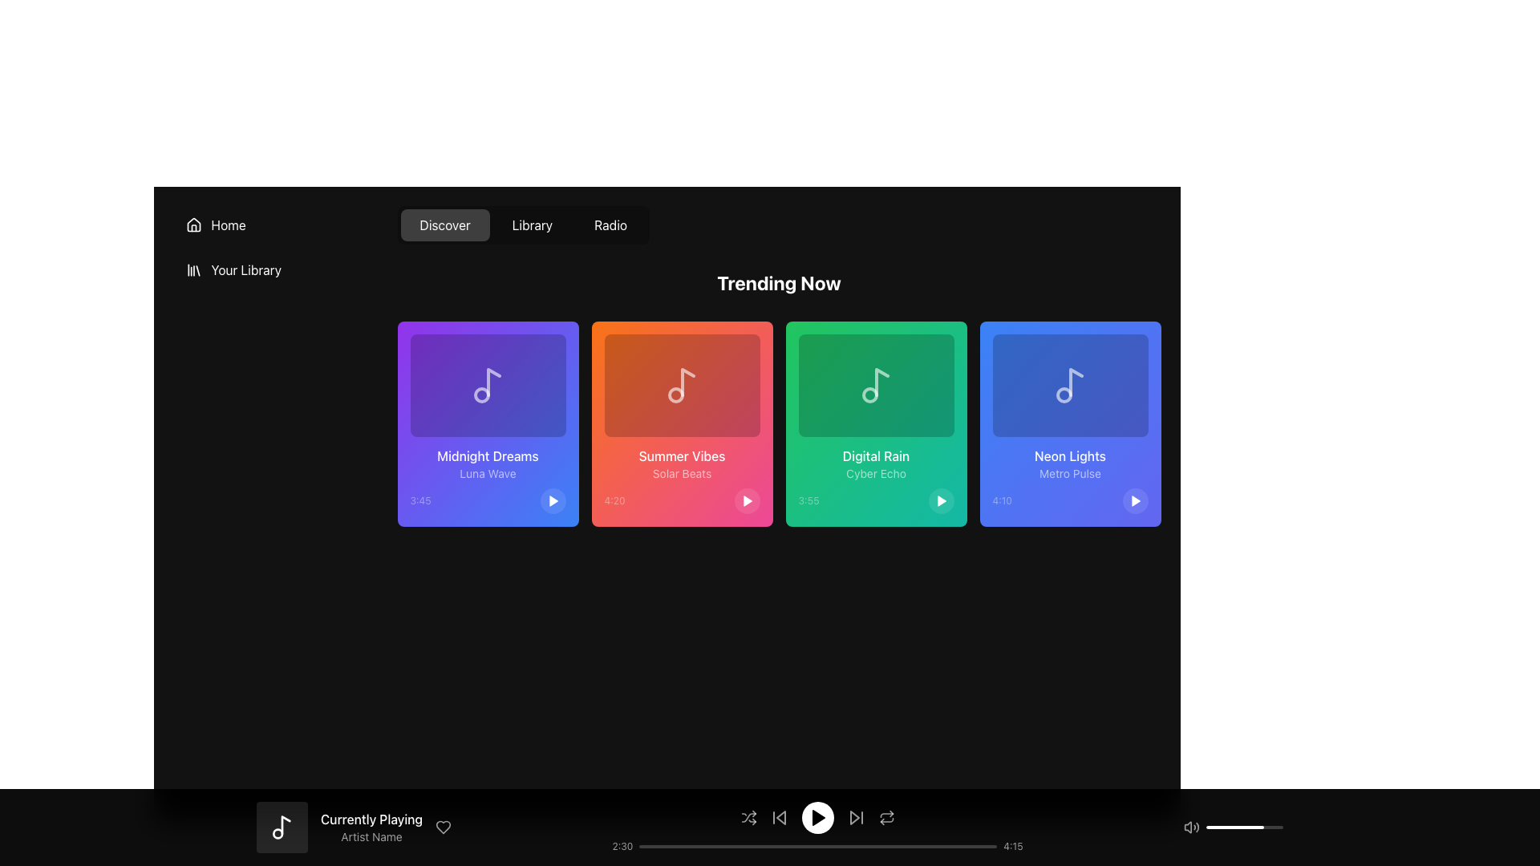 This screenshot has width=1540, height=866. Describe the element at coordinates (480, 395) in the screenshot. I see `the circular element that is part of the musical note icon above the text 'Midnight Dreams' in the first tile of the 'Trending Now' section` at that location.